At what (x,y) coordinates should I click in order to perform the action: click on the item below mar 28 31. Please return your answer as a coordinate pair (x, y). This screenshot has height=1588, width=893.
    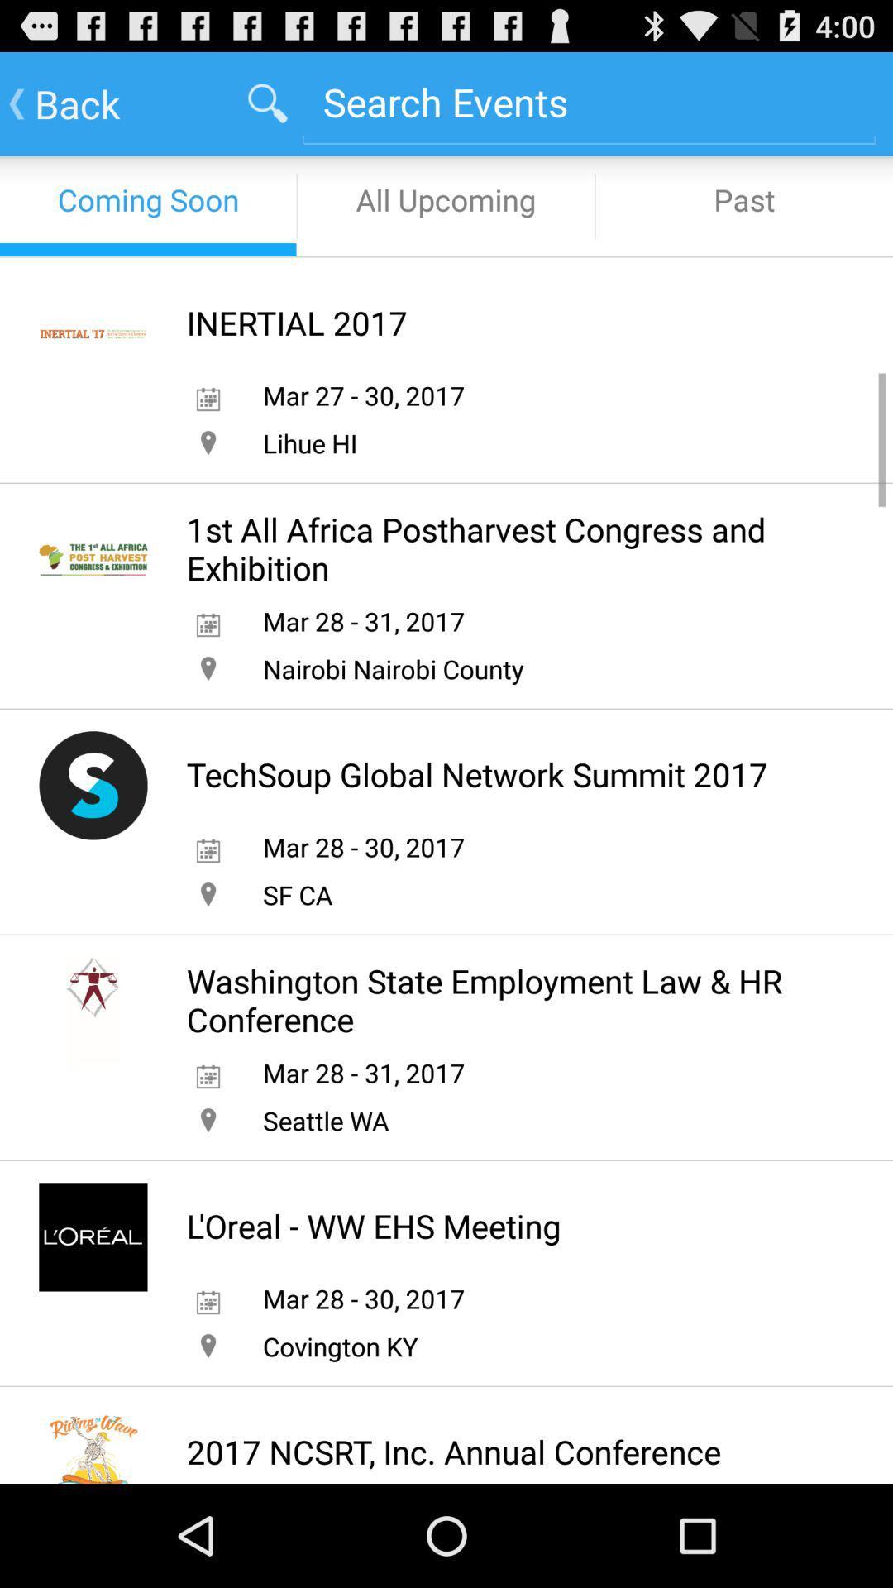
    Looking at the image, I should click on (326, 1120).